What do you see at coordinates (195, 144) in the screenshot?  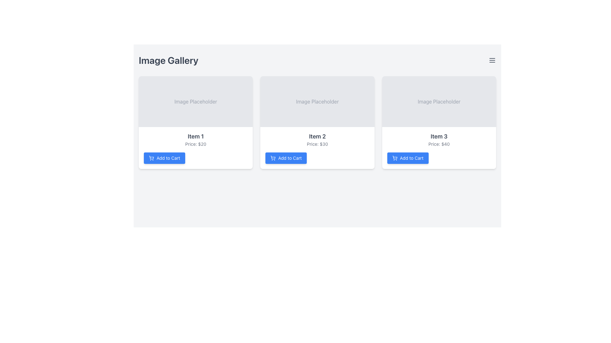 I see `the static text label displaying 'Price: $20', which is positioned below the 'Item 1' label and above the 'Add to Cart' button in the leftmost card component` at bounding box center [195, 144].